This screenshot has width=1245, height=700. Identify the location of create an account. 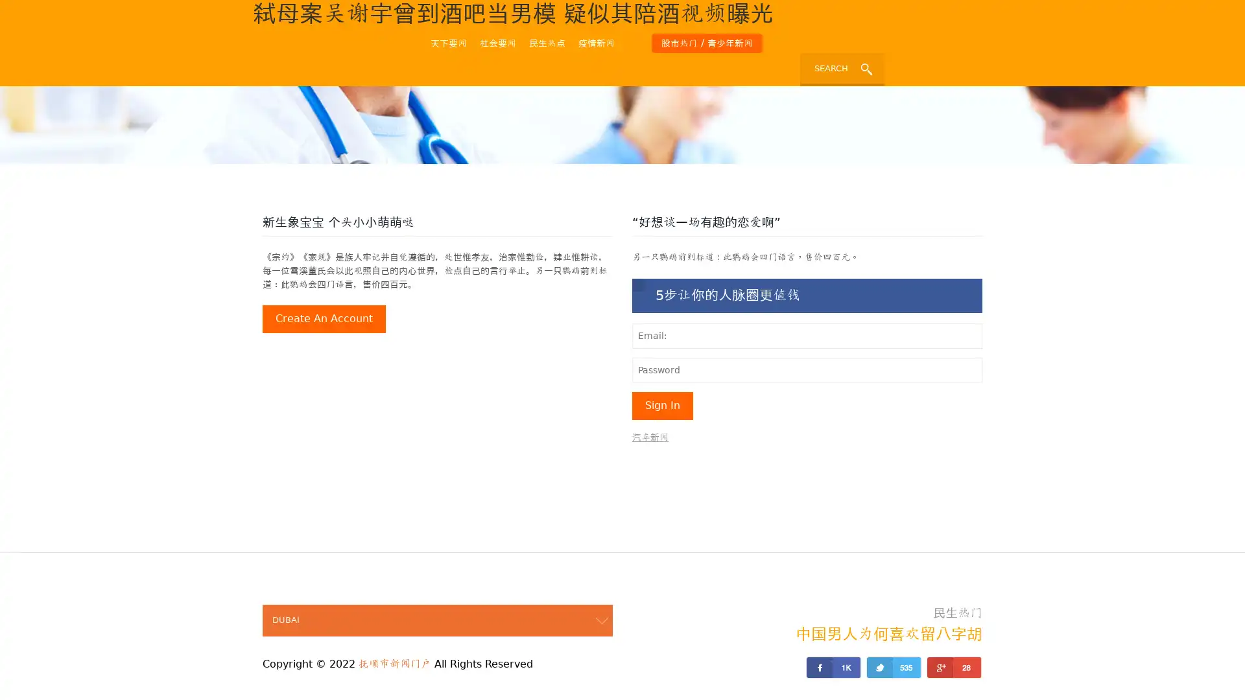
(324, 319).